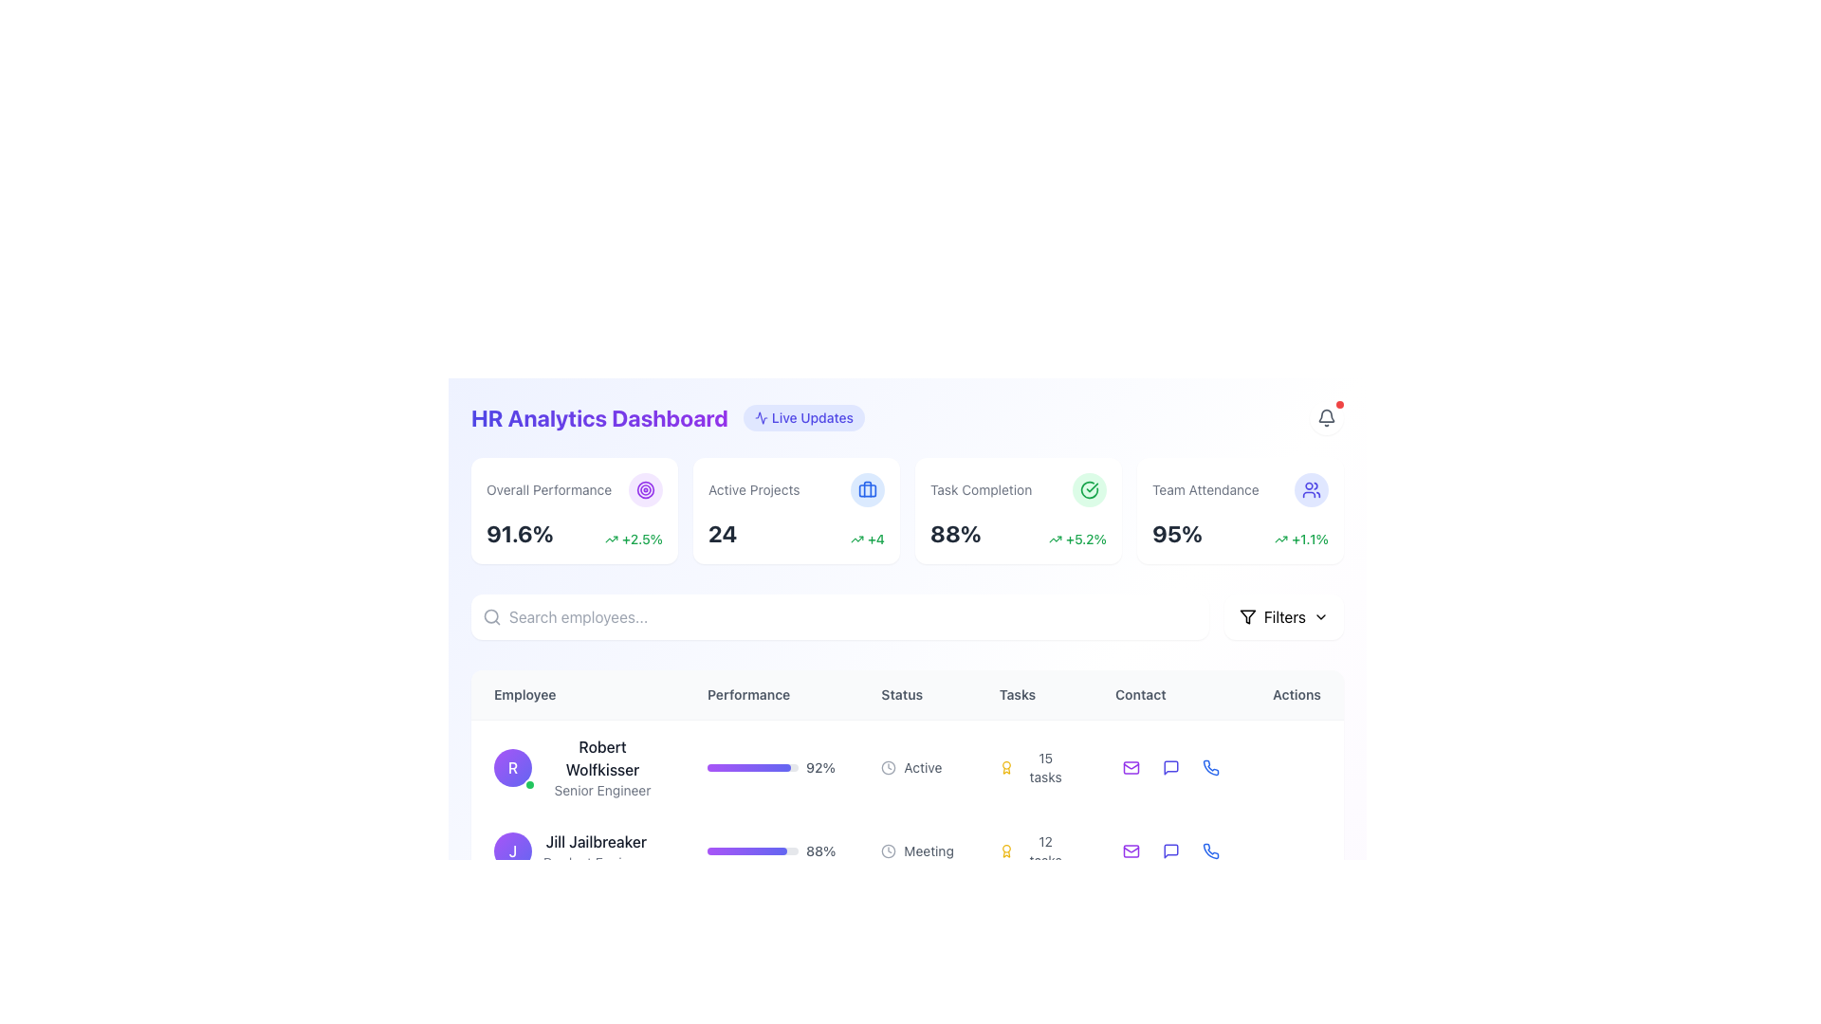 This screenshot has height=1024, width=1821. Describe the element at coordinates (771, 768) in the screenshot. I see `the progress bar displaying '92%' associated with employee 'Robert Wolfkisser' in the Performance column of the table` at that location.